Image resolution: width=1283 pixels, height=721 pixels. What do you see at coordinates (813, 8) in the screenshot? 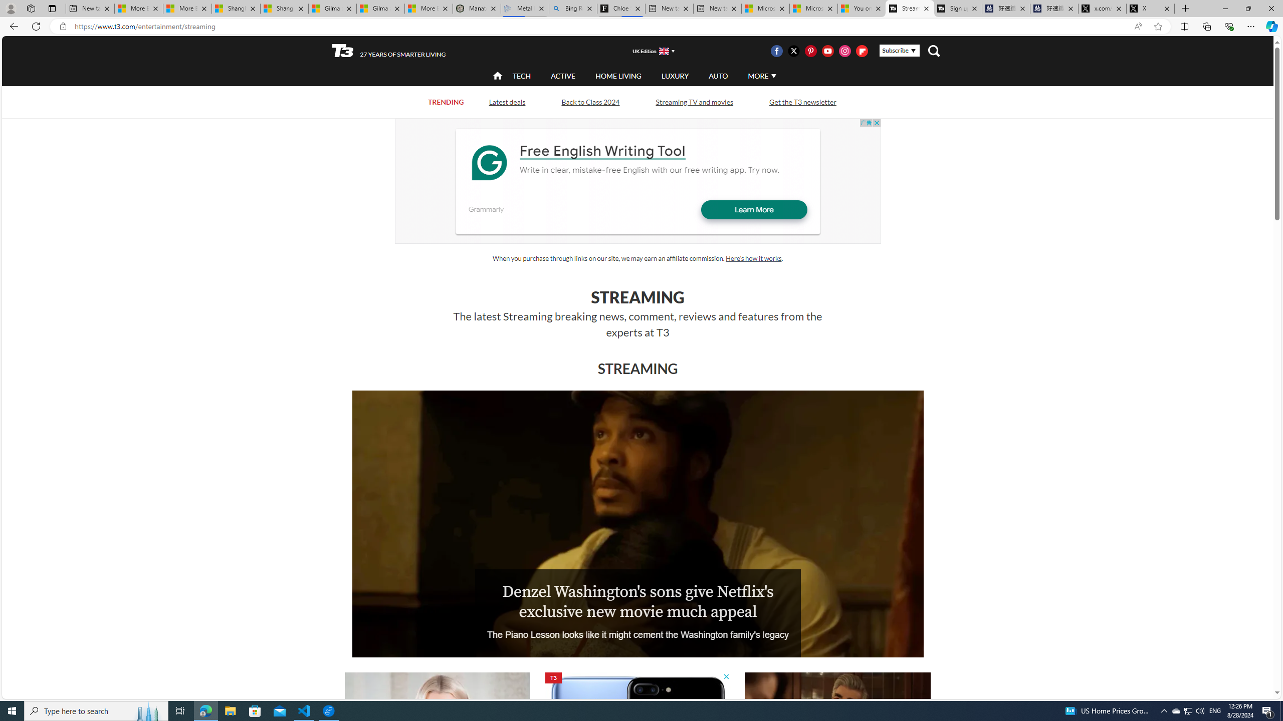
I see `'Microsoft Start'` at bounding box center [813, 8].